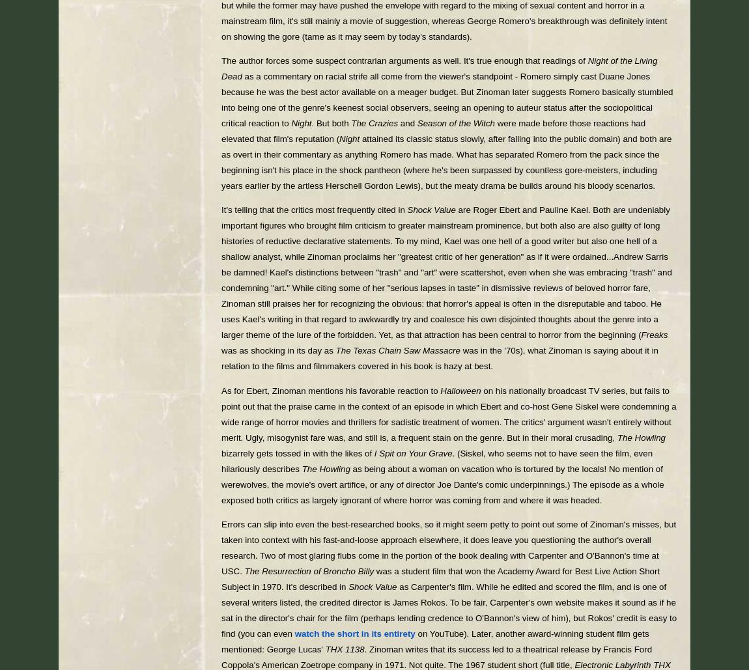 Image resolution: width=749 pixels, height=670 pixels. Describe the element at coordinates (345, 649) in the screenshot. I see `'THX 1138'` at that location.